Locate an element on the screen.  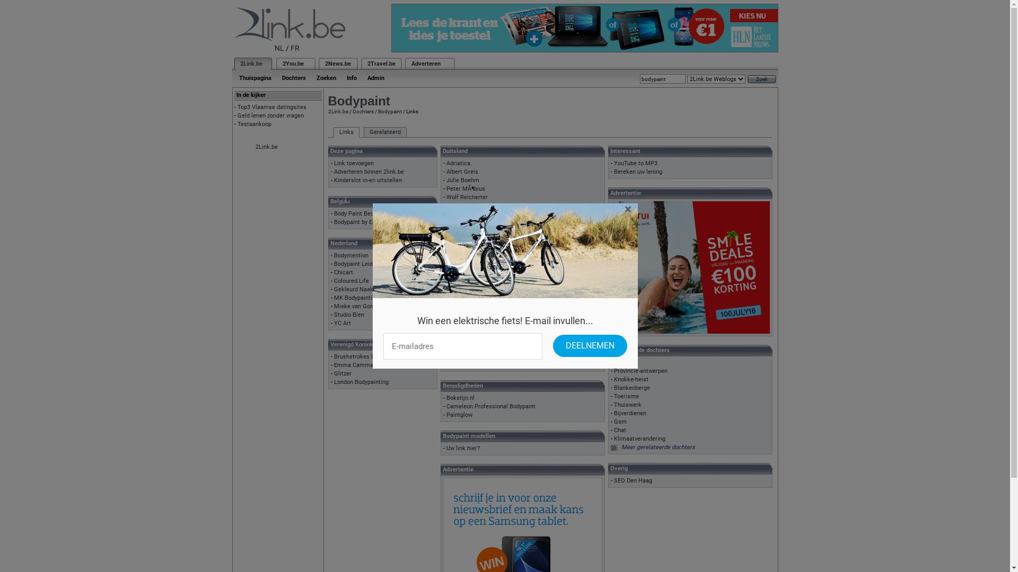
'FR' is located at coordinates (290, 48).